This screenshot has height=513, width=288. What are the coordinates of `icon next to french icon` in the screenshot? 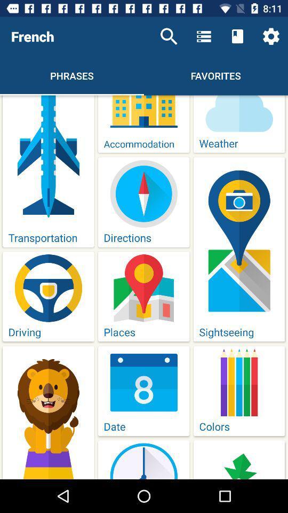 It's located at (169, 36).